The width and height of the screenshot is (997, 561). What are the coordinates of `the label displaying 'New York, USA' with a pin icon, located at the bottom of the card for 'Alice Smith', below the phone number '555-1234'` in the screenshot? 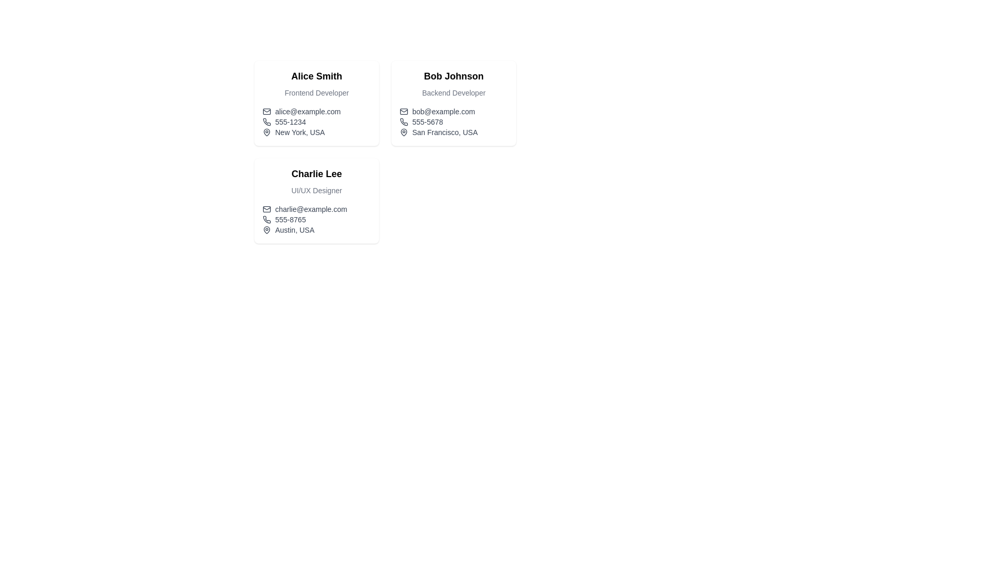 It's located at (316, 131).